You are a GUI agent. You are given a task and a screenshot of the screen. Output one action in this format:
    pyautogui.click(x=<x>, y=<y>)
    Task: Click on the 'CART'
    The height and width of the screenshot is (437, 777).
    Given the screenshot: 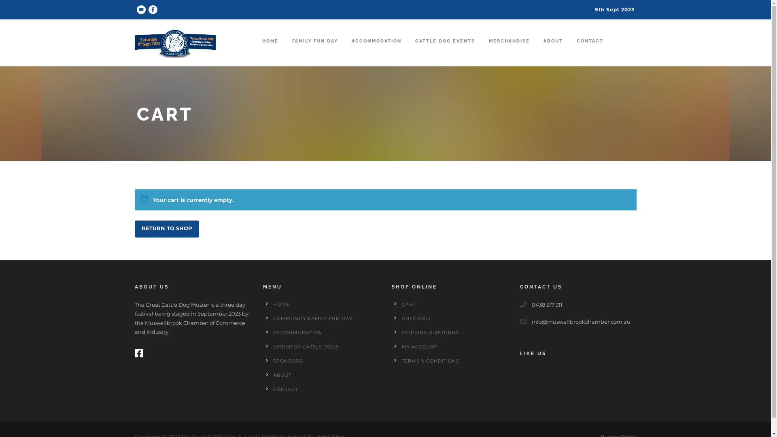 What is the action you would take?
    pyautogui.click(x=408, y=304)
    